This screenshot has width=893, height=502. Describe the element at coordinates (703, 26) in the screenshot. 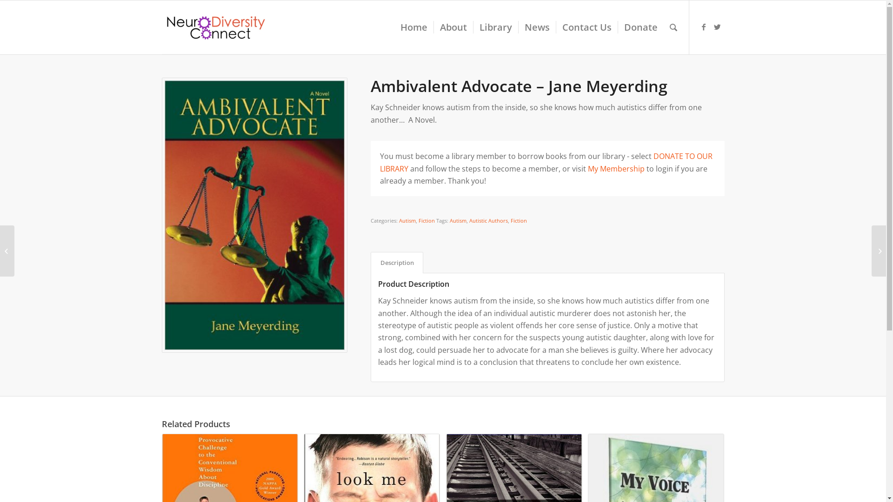

I see `'Facebook'` at that location.